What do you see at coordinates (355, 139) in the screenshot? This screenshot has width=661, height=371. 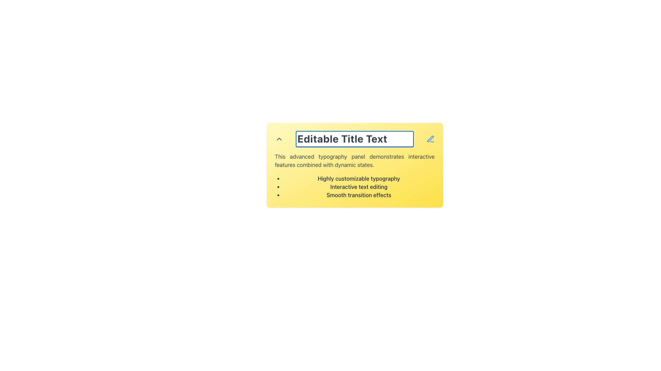 I see `the text area displaying 'Editable Title Text' which is styled in a bold and large font, located at the upper section of a yellow card panel` at bounding box center [355, 139].